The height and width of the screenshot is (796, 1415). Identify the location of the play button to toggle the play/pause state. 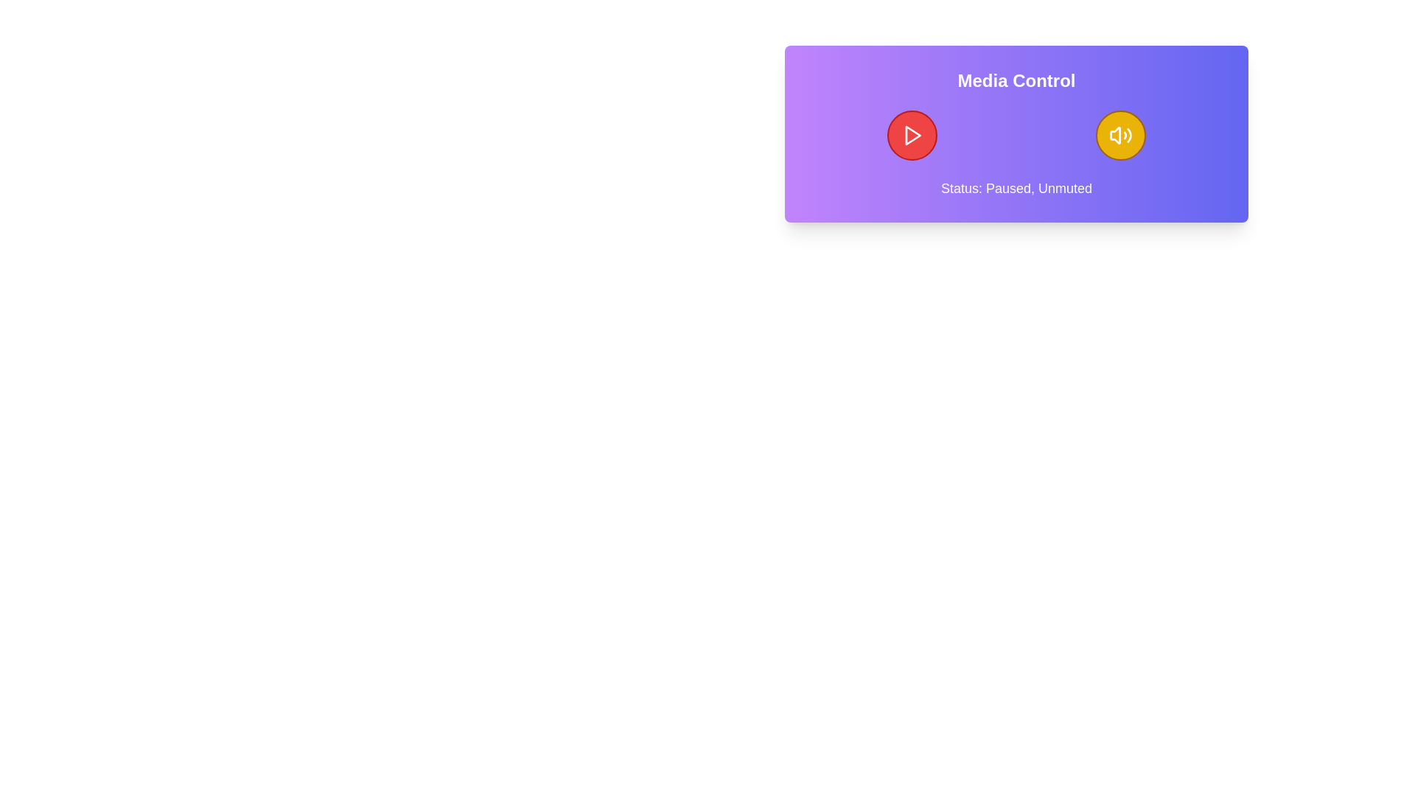
(912, 136).